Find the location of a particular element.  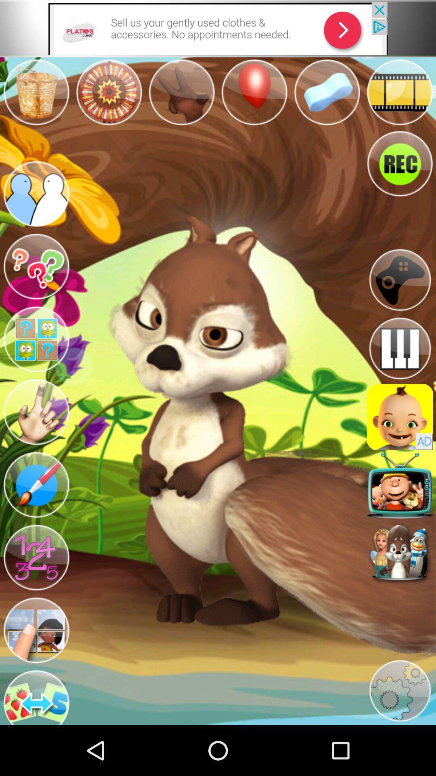

make them sing is located at coordinates (400, 485).